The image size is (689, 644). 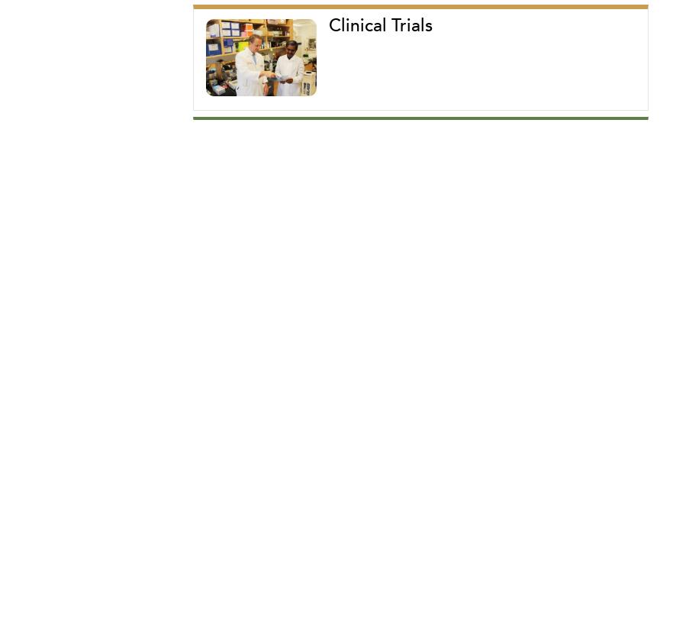 What do you see at coordinates (20, 141) in the screenshot?
I see `'CONNECT WITH US'` at bounding box center [20, 141].